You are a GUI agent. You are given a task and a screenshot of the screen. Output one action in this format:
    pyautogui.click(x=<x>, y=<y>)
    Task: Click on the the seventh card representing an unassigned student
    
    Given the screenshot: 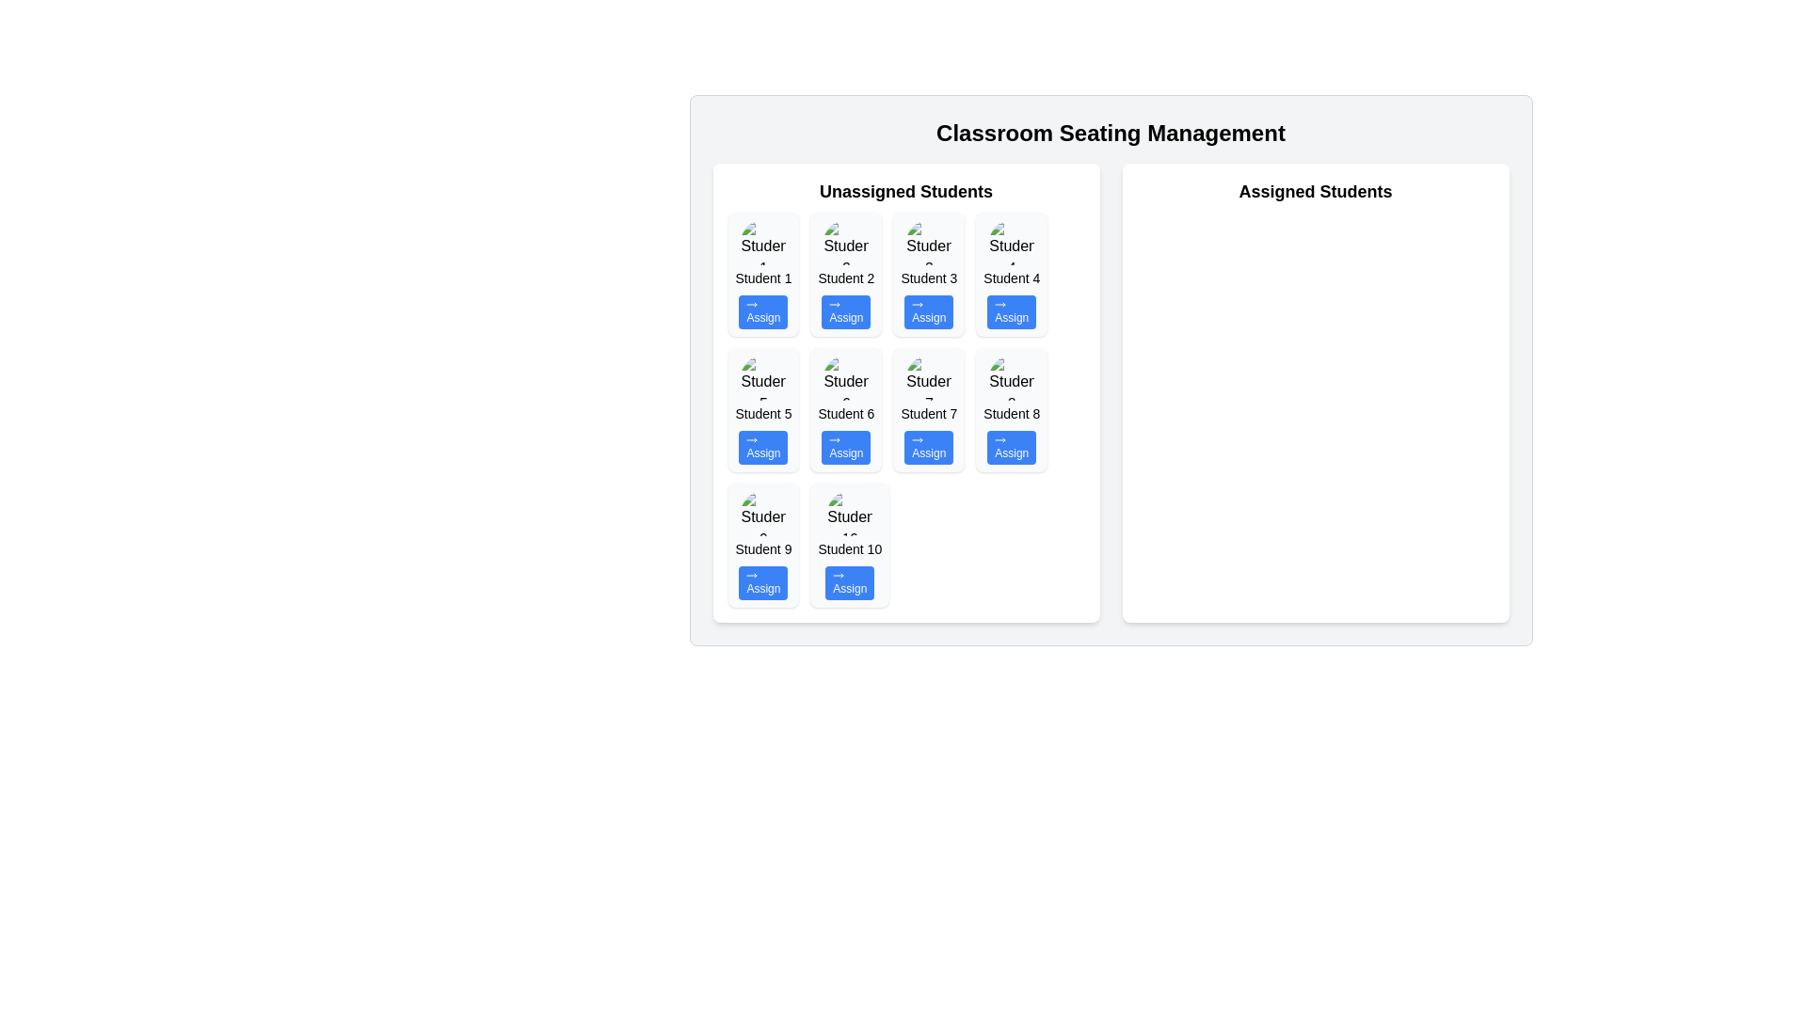 What is the action you would take?
    pyautogui.click(x=929, y=408)
    